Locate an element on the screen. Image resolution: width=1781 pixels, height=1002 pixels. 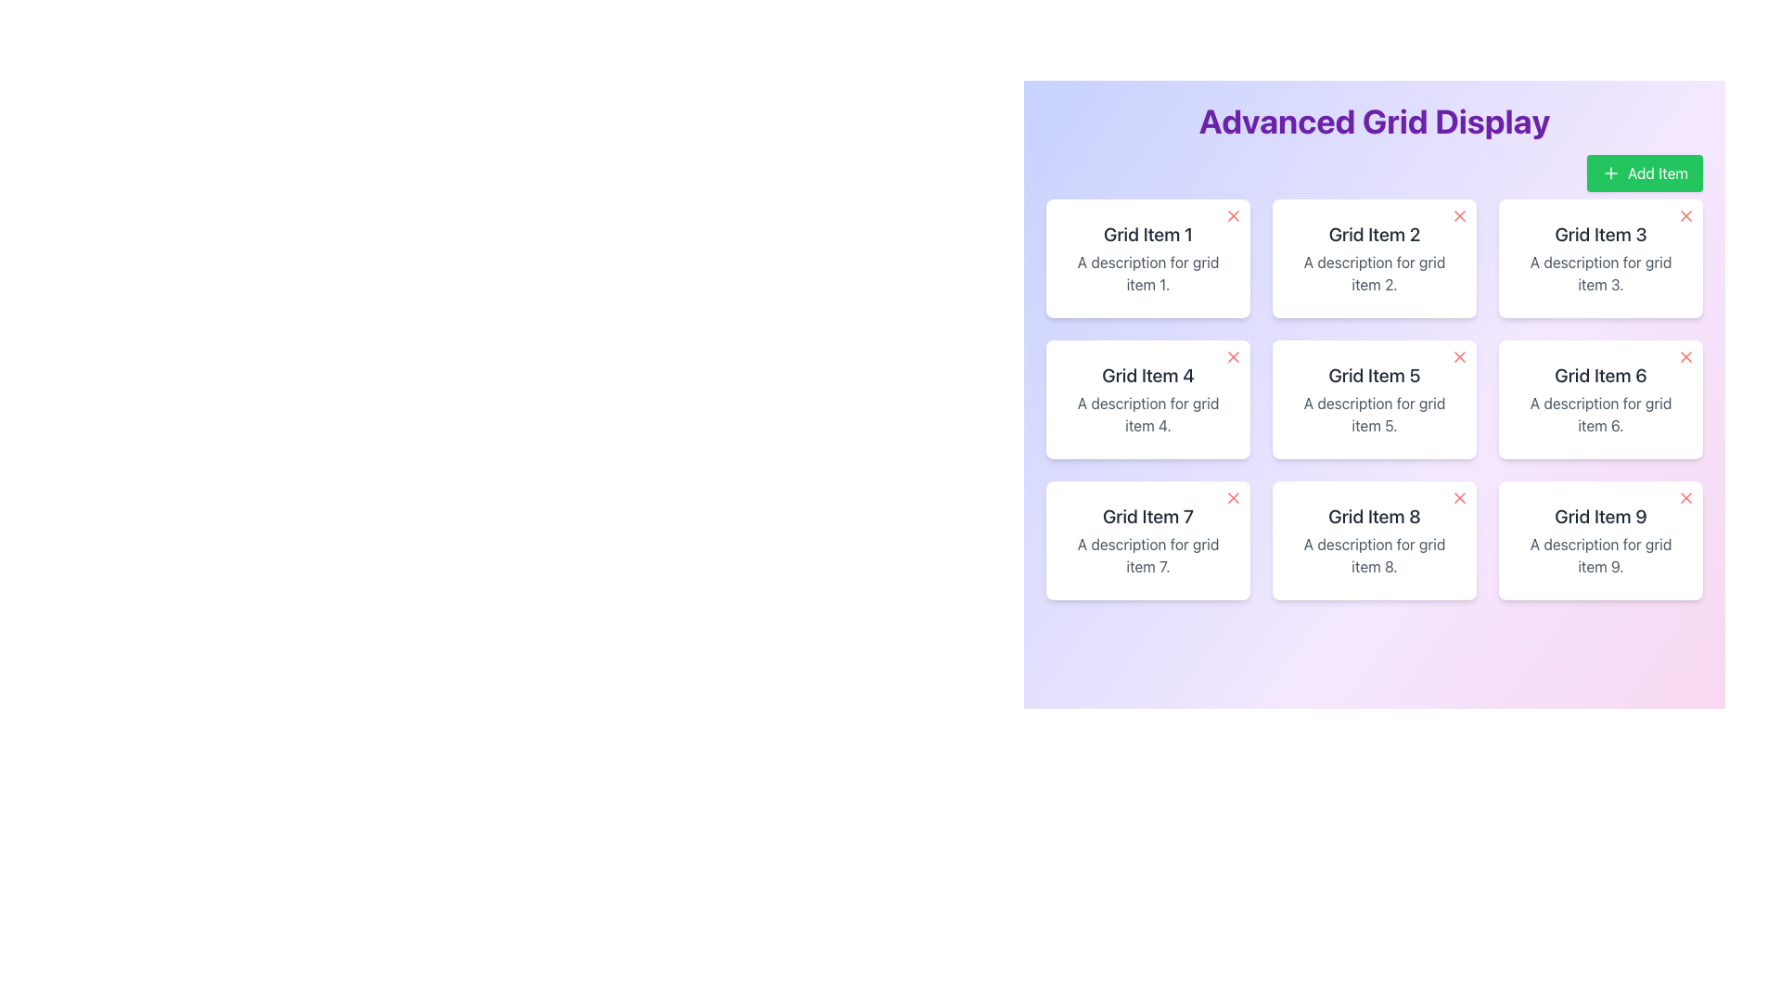
static text label providing additional information about 'Grid Item 8', located beneath the title text within its card is located at coordinates (1375, 554).